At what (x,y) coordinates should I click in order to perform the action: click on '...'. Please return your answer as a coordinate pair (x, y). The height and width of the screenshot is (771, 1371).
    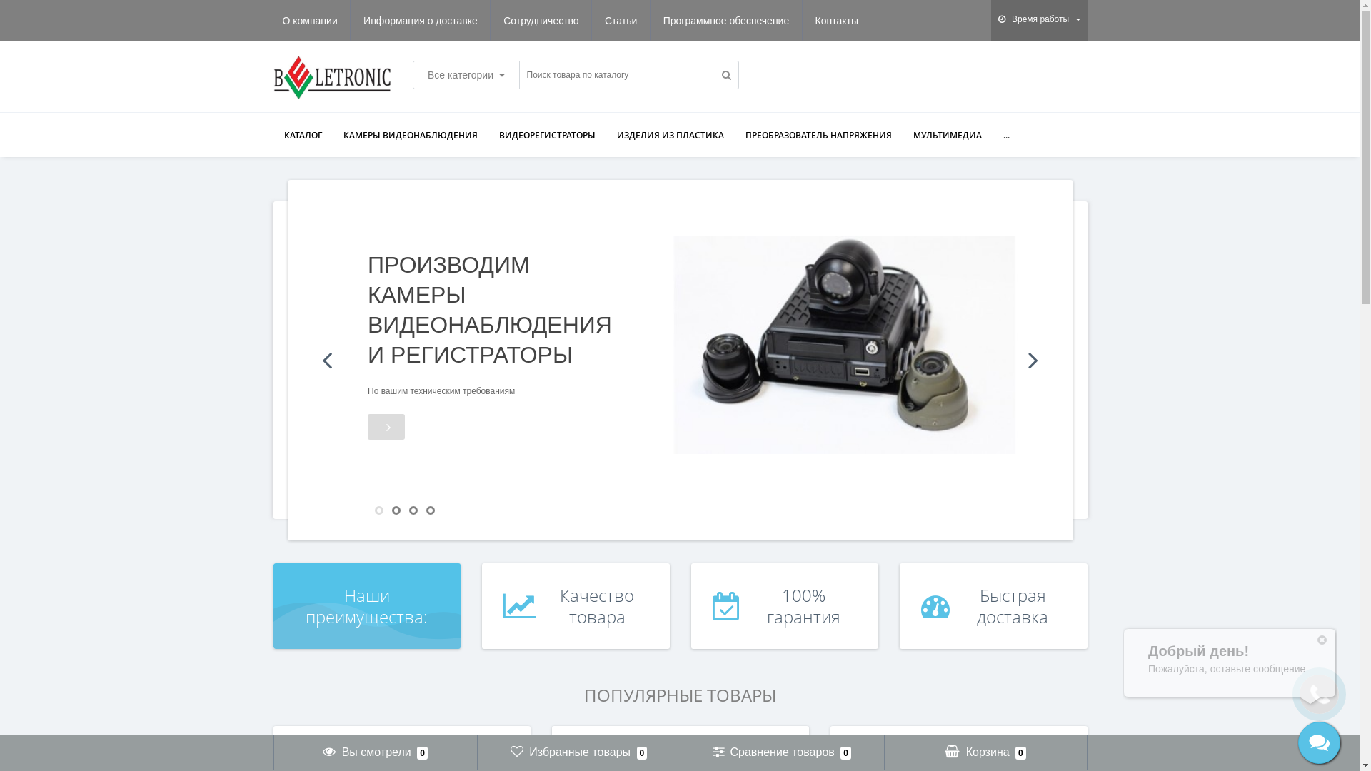
    Looking at the image, I should click on (1005, 135).